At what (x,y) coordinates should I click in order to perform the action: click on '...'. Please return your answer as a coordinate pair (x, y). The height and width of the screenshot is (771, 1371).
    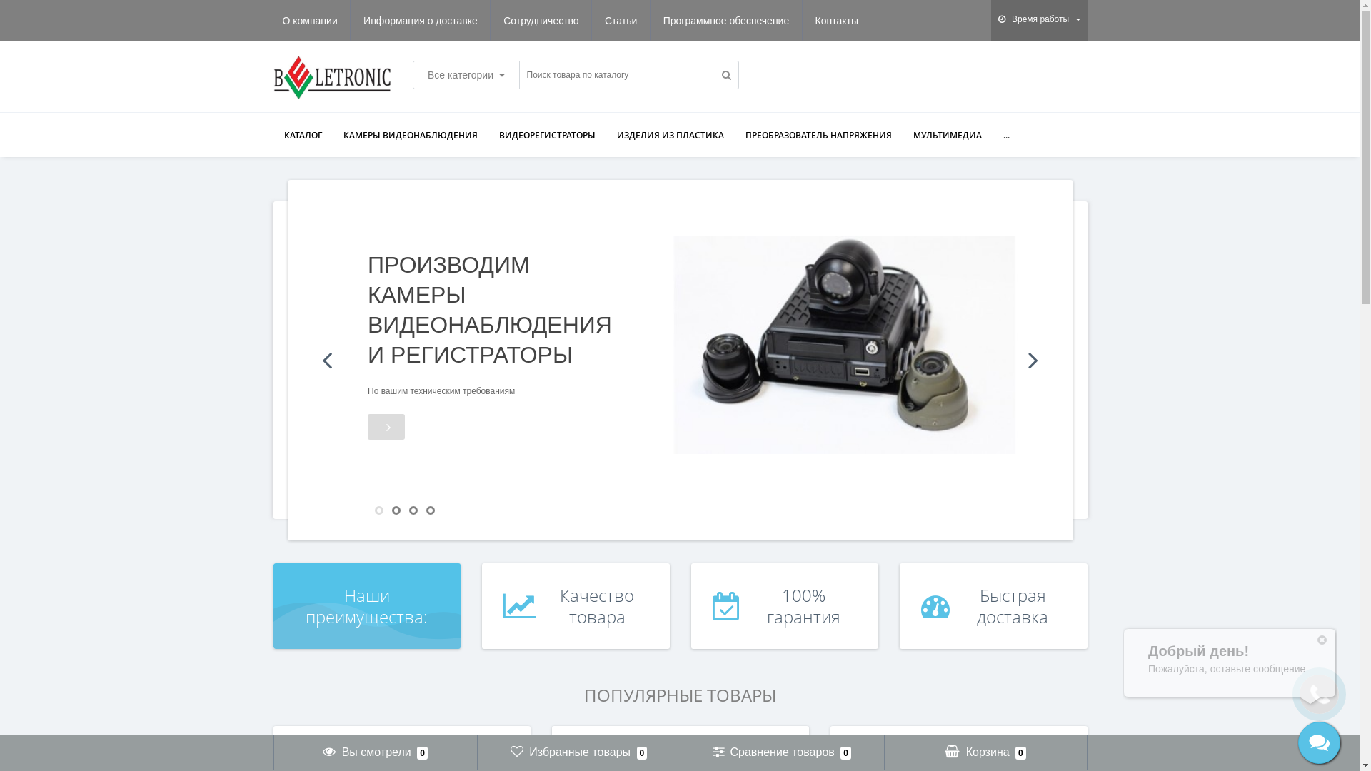
    Looking at the image, I should click on (1005, 135).